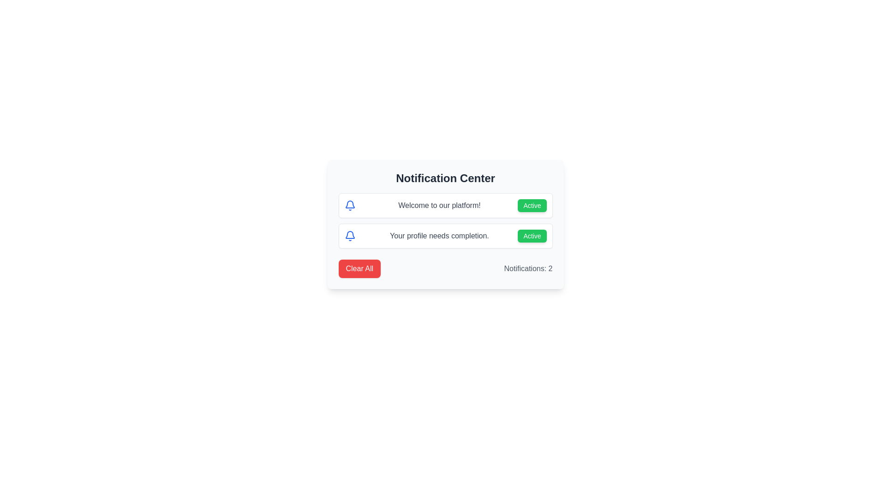 This screenshot has width=886, height=498. I want to click on the bell icon representing the notification for the welcome message, located at the far left of the entry row containing the text 'Welcome to our platform!', so click(349, 205).